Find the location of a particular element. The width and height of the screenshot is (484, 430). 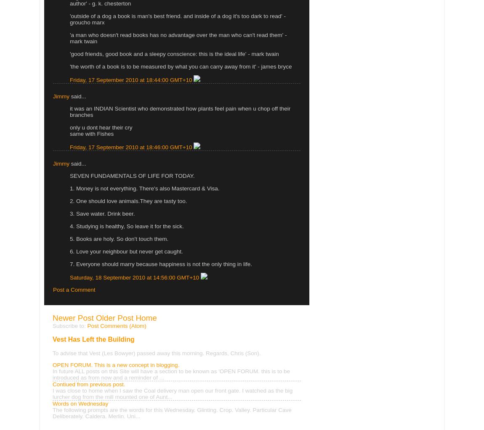

''good friends, good book and a sleepy conscience: this is the ideal life' - mark twain' is located at coordinates (174, 53).